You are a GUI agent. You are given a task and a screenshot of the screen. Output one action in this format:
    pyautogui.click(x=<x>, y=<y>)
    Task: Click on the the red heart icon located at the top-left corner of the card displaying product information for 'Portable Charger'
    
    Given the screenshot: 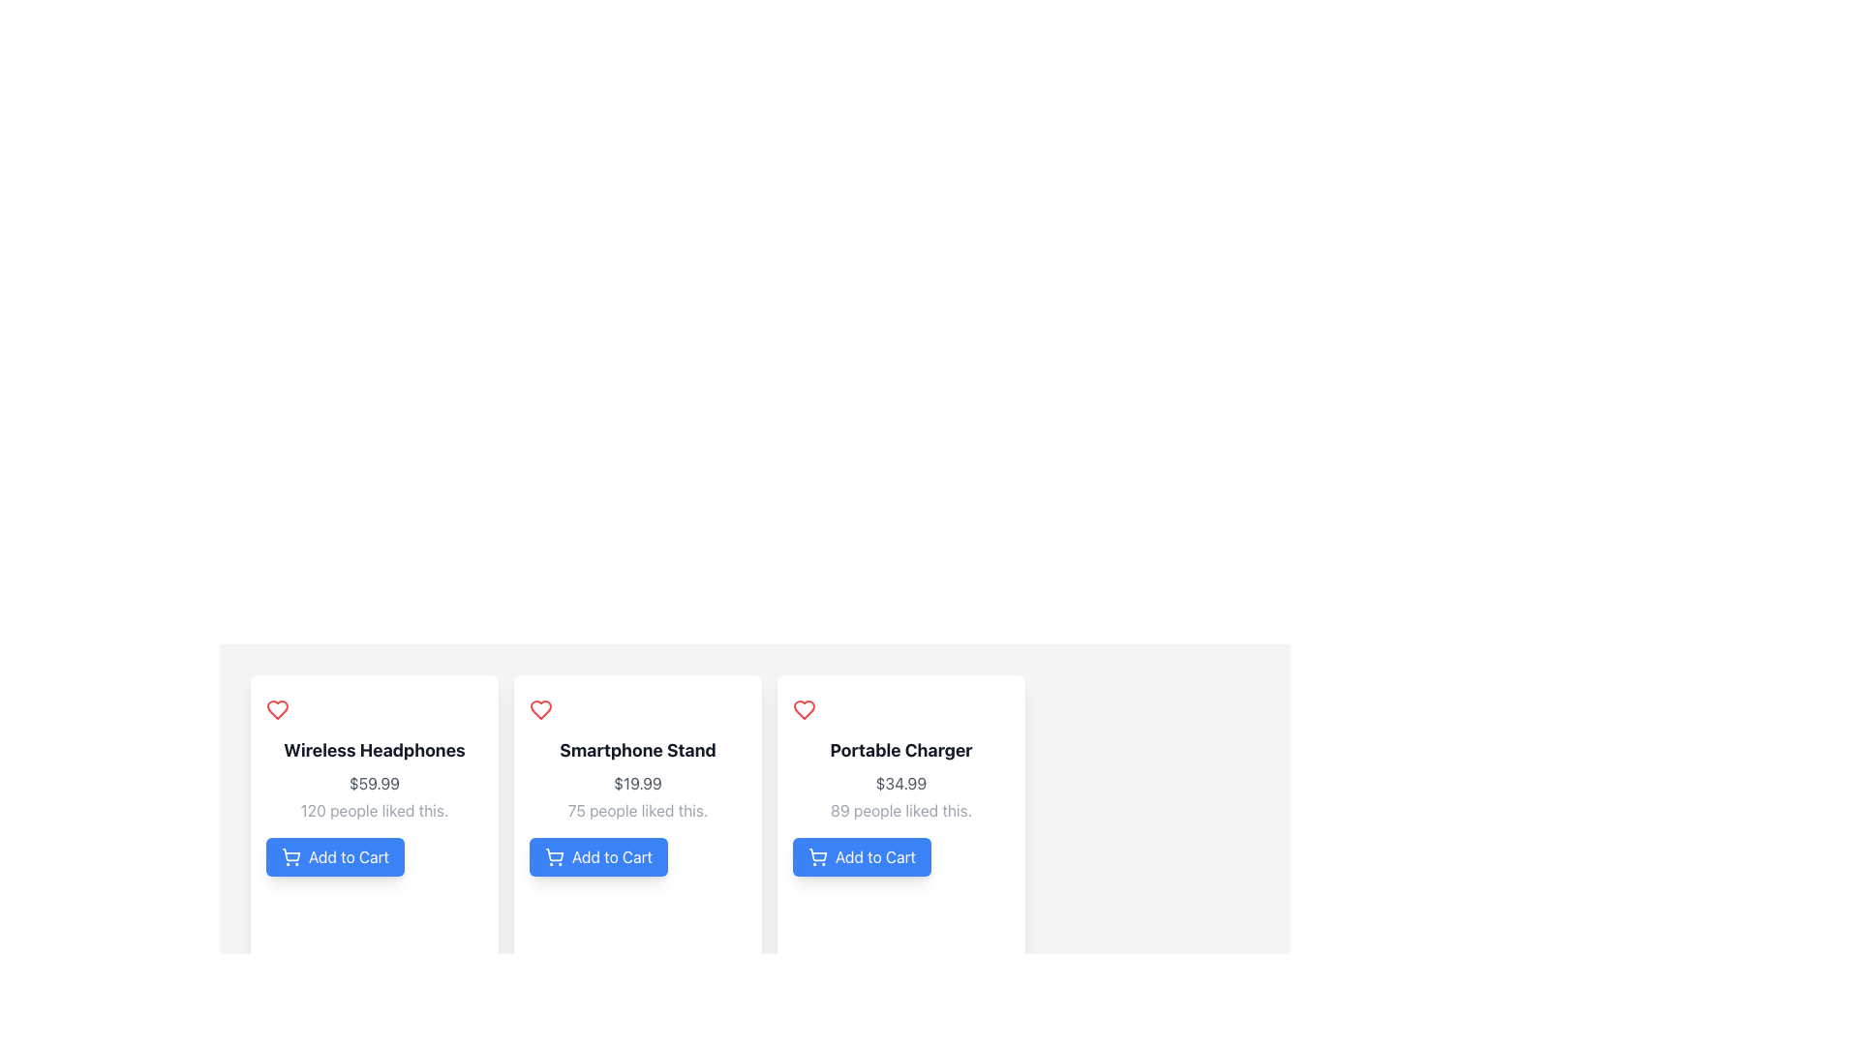 What is the action you would take?
    pyautogui.click(x=804, y=709)
    